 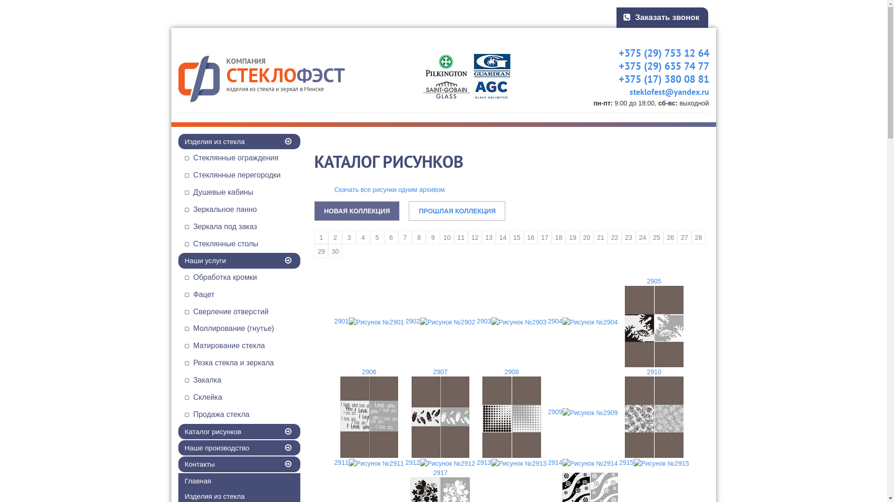 What do you see at coordinates (461, 236) in the screenshot?
I see `'11'` at bounding box center [461, 236].